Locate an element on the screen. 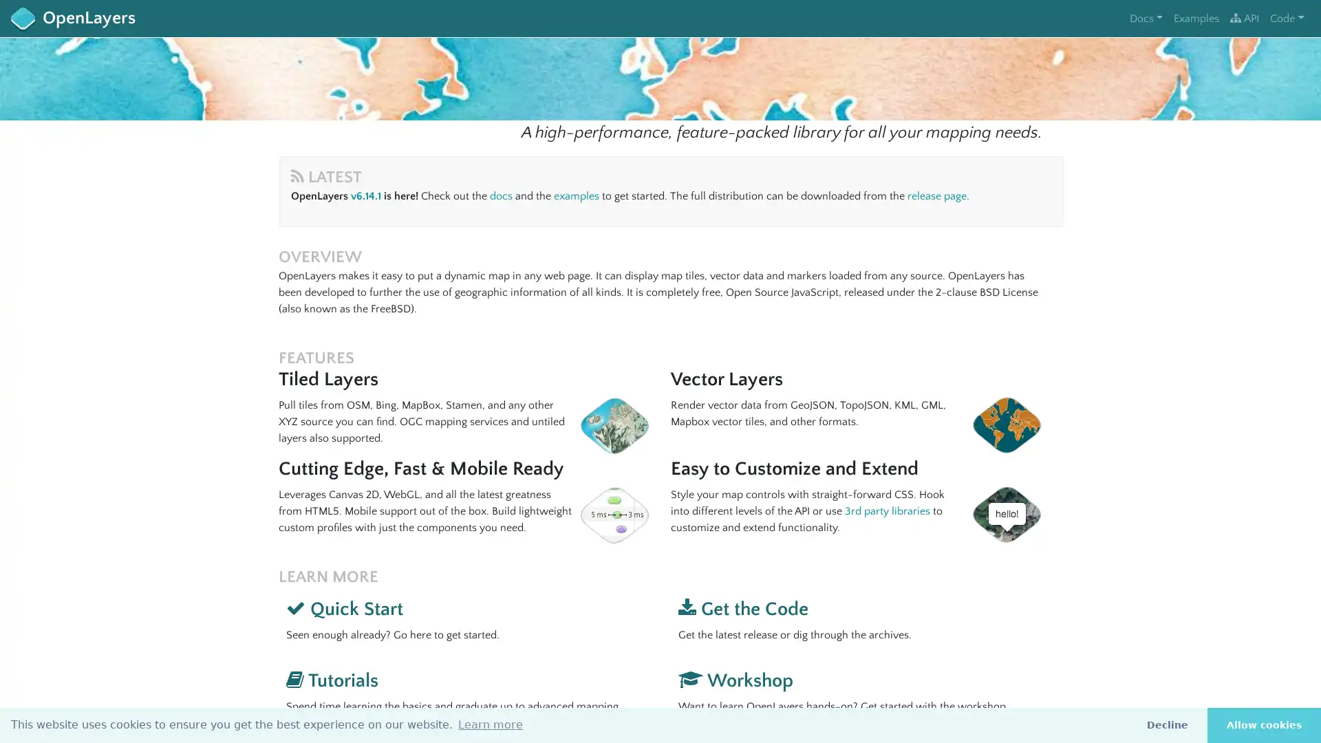  i is located at coordinates (1304, 105).